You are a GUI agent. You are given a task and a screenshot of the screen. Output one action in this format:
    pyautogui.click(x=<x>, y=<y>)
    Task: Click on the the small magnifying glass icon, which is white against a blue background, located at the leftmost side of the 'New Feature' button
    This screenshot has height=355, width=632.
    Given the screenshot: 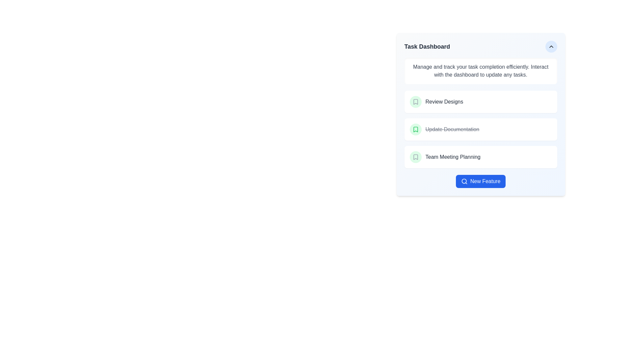 What is the action you would take?
    pyautogui.click(x=464, y=181)
    